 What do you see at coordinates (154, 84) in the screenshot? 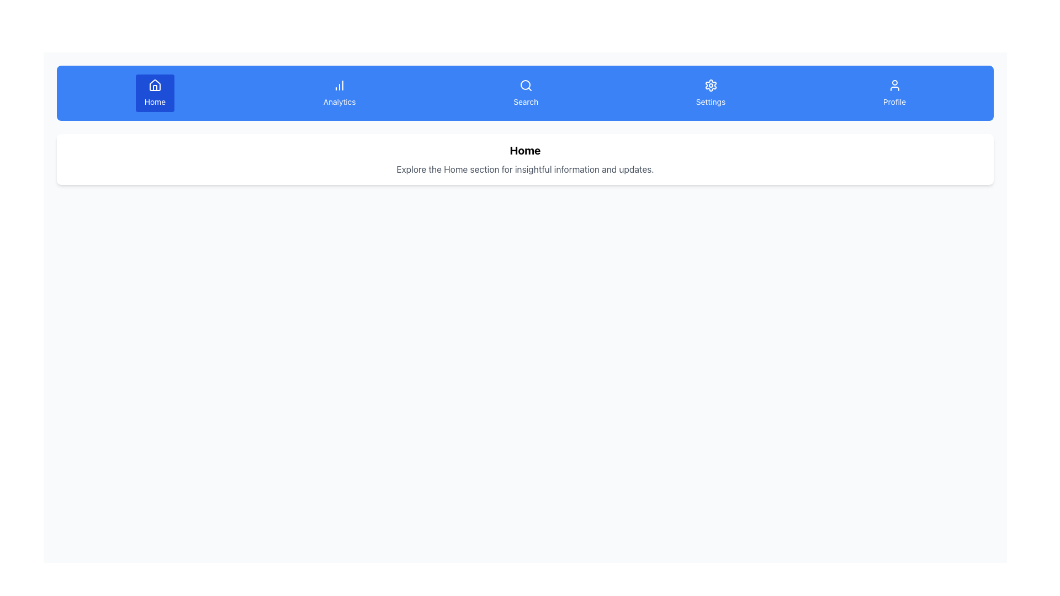
I see `the white outline house icon located in the blue rectangular section on the left of the menu bar` at bounding box center [154, 84].